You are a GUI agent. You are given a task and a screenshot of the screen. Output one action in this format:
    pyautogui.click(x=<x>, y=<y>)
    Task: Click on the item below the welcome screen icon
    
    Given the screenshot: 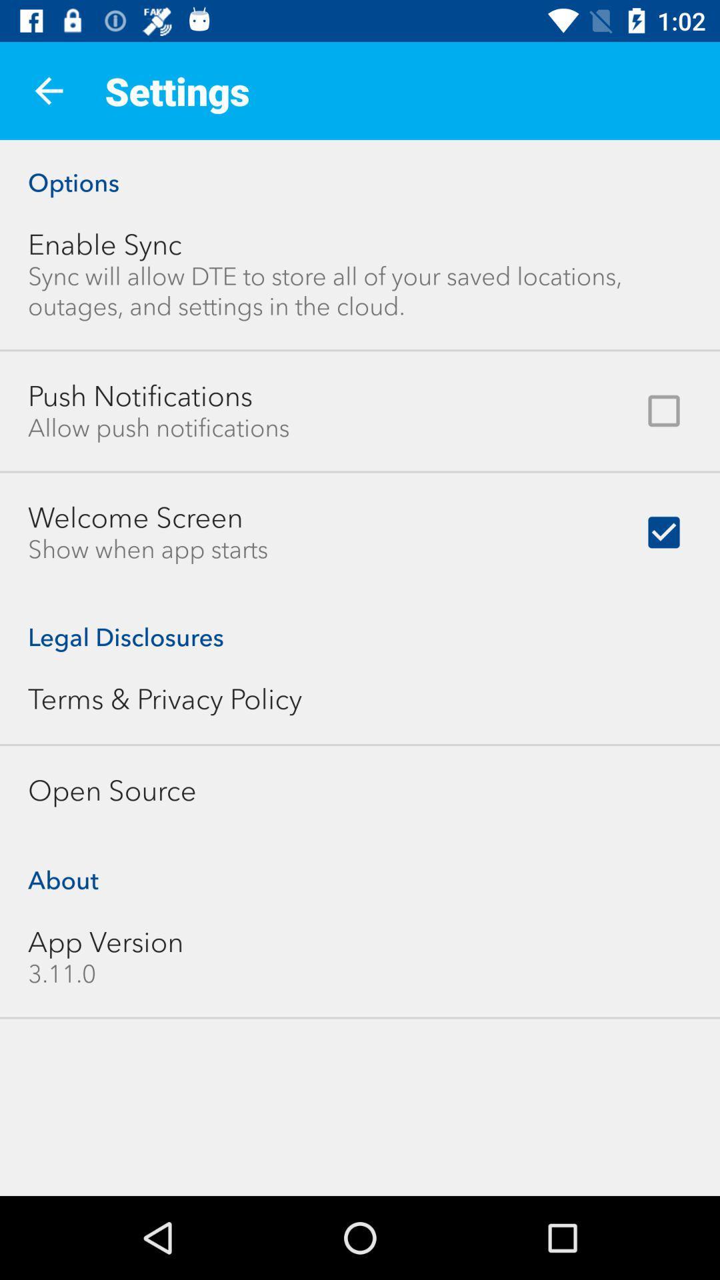 What is the action you would take?
    pyautogui.click(x=148, y=549)
    